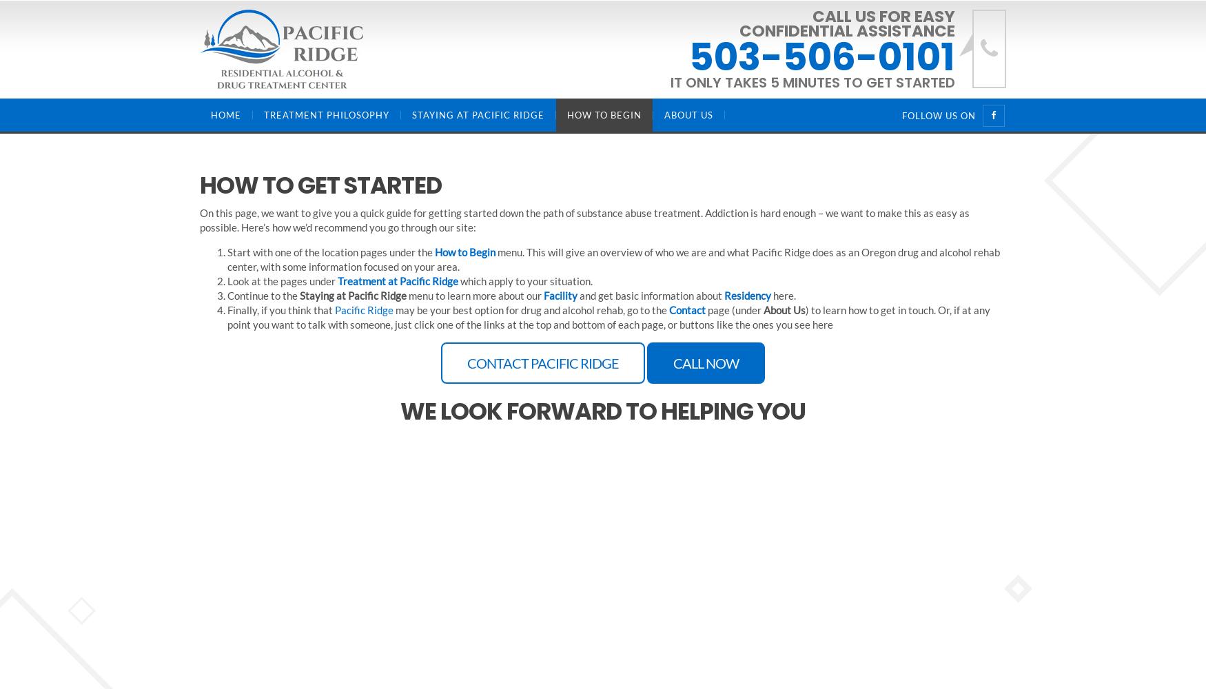  What do you see at coordinates (394, 309) in the screenshot?
I see `'may be your best option for drug and alcohol rehab, go to the'` at bounding box center [394, 309].